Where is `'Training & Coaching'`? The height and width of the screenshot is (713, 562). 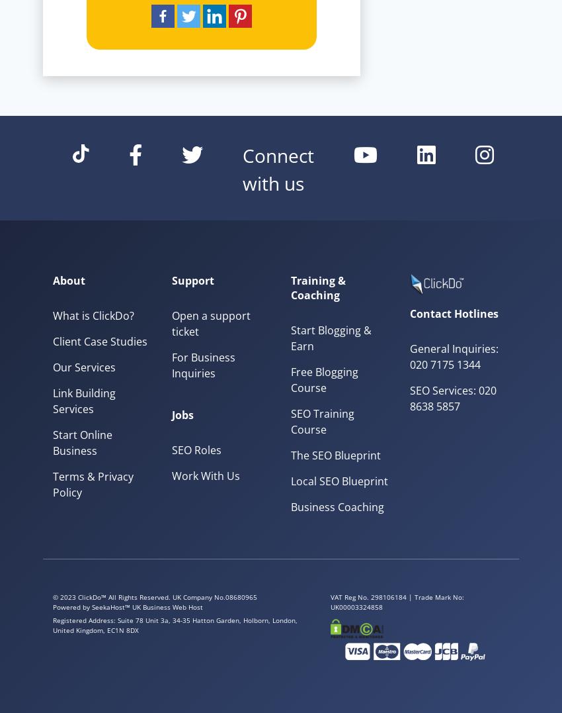
'Training & Coaching' is located at coordinates (318, 287).